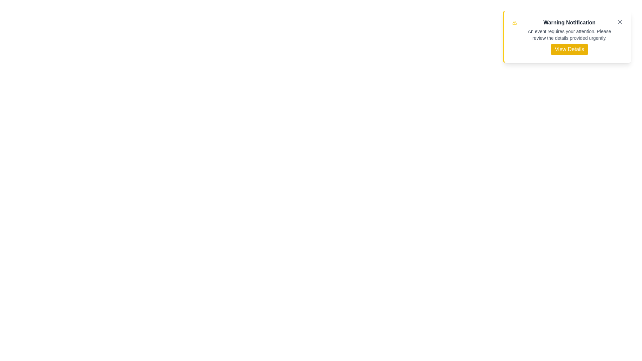 The image size is (642, 361). I want to click on the dismiss button located at the top right corner of the notification, so click(619, 21).